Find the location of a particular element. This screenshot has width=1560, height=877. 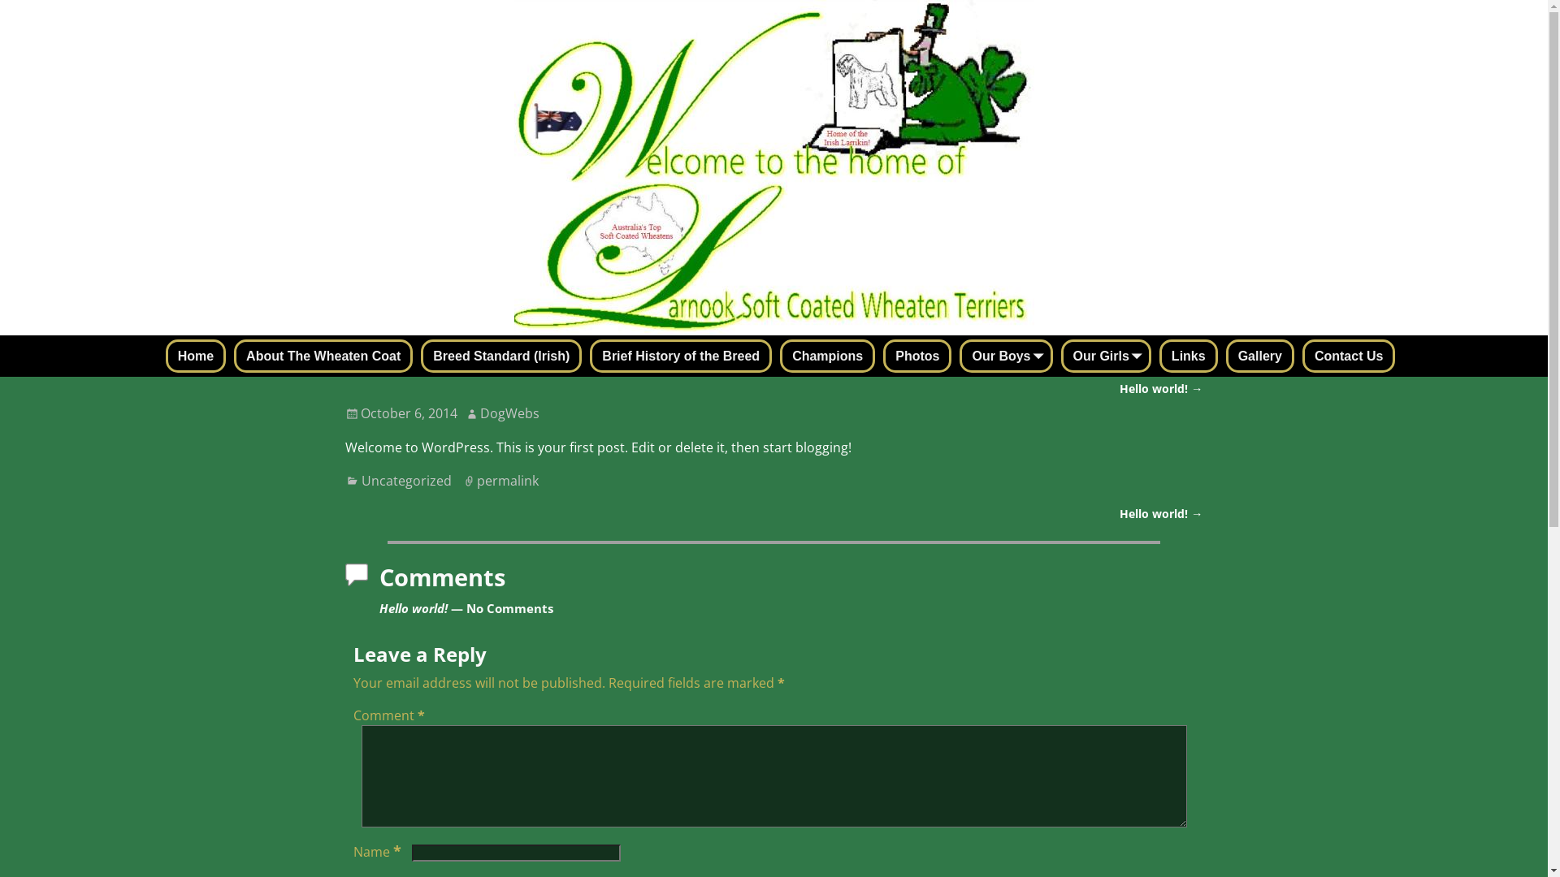

'Champions' is located at coordinates (827, 355).